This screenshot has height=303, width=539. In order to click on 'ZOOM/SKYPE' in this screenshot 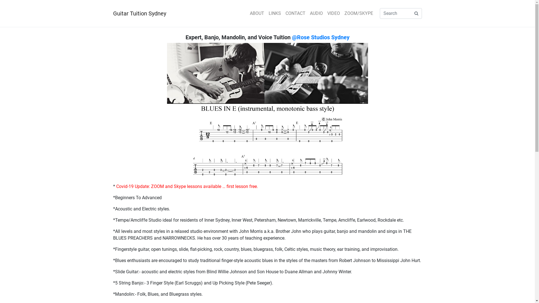, I will do `click(358, 13)`.